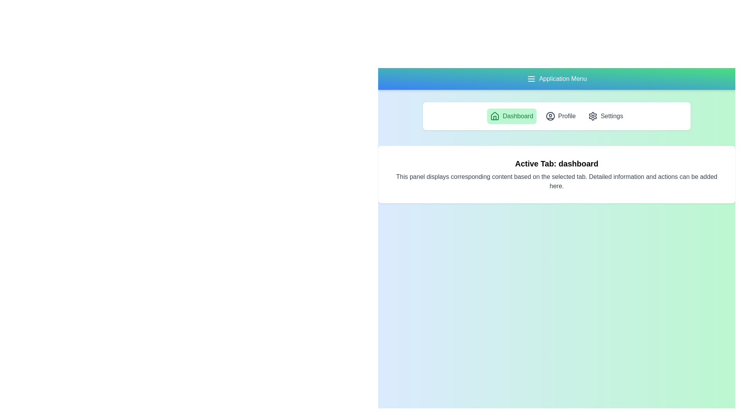 The width and height of the screenshot is (747, 420). Describe the element at coordinates (512, 116) in the screenshot. I see `the tab button corresponding to Dashboard to switch to that tab` at that location.